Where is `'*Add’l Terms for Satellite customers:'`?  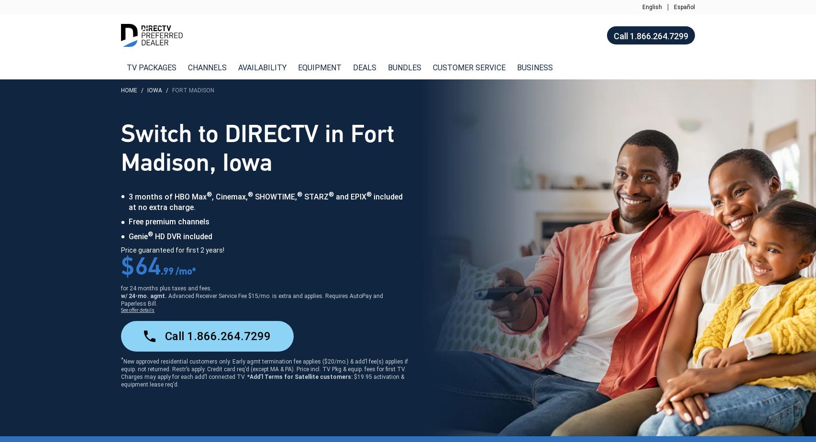
'*Add’l Terms for Satellite customers:' is located at coordinates (300, 376).